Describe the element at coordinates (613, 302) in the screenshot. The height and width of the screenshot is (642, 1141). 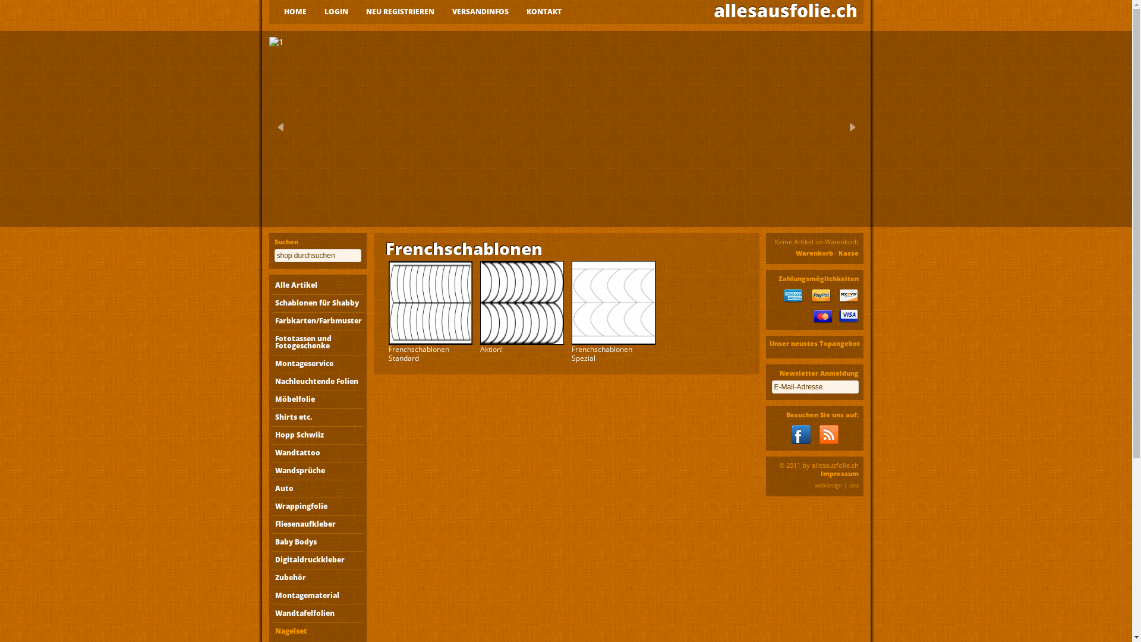
I see `' Frenchschablonen Spezial '` at that location.